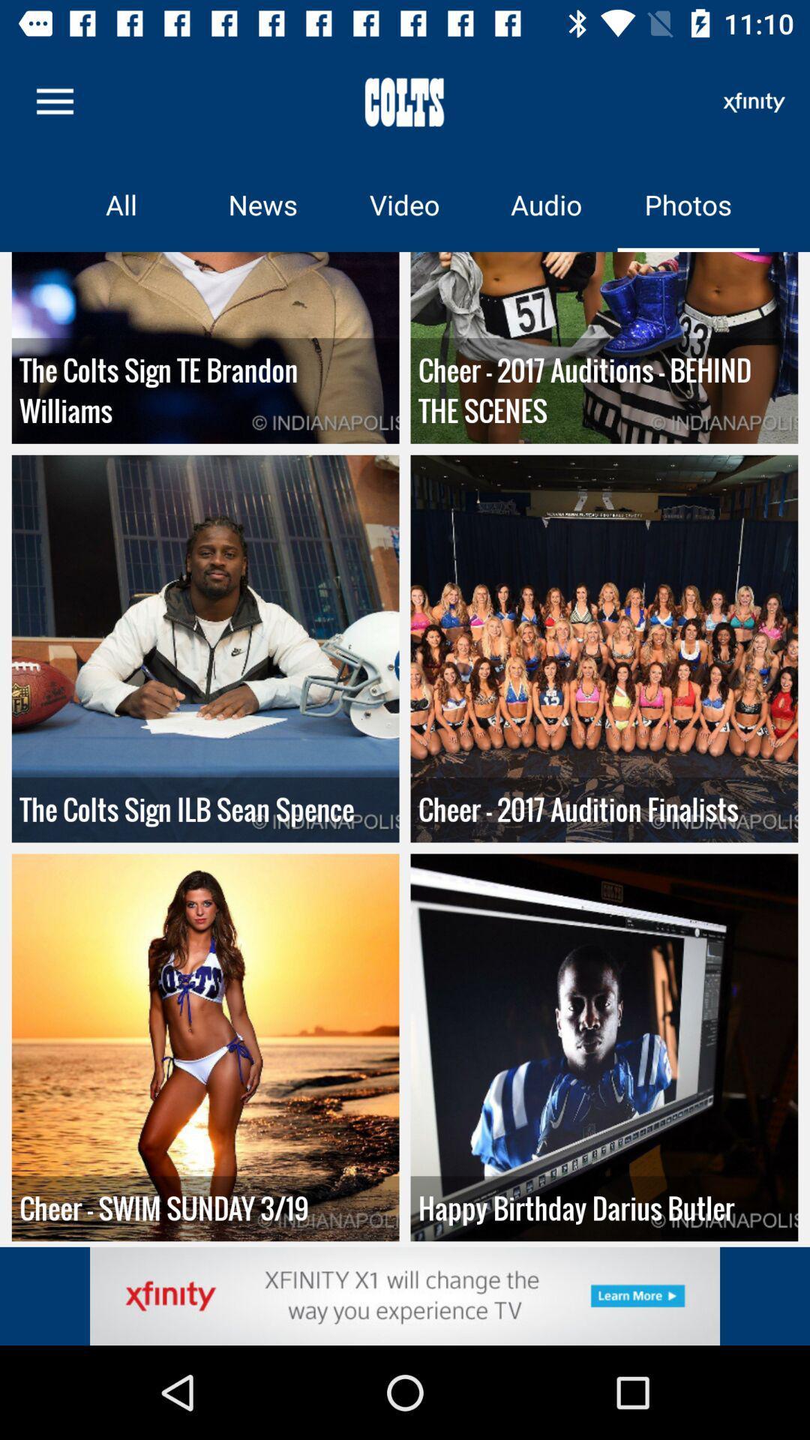 The height and width of the screenshot is (1440, 810). What do you see at coordinates (405, 1295) in the screenshot?
I see `the advertisement` at bounding box center [405, 1295].